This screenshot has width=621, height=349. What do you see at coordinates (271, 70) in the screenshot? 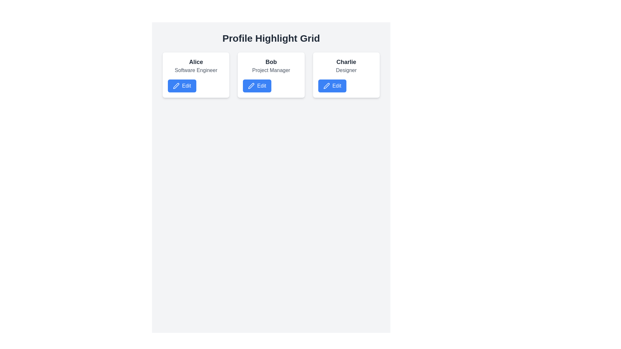
I see `the text label that indicates the job title 'Project Manager' associated with the user 'Bob', which is located within a user information card, positioned below 'Bob' and above the 'Edit' button` at bounding box center [271, 70].